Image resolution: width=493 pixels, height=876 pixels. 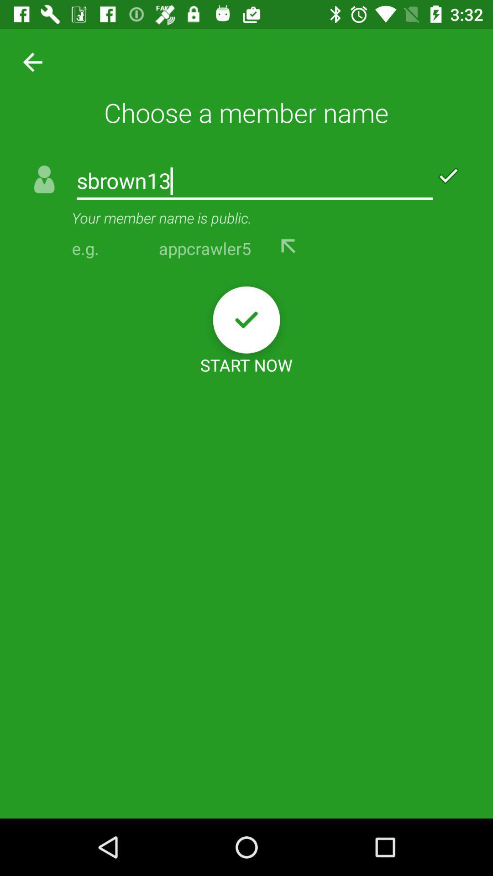 What do you see at coordinates (246, 320) in the screenshot?
I see `click start now check mark button` at bounding box center [246, 320].